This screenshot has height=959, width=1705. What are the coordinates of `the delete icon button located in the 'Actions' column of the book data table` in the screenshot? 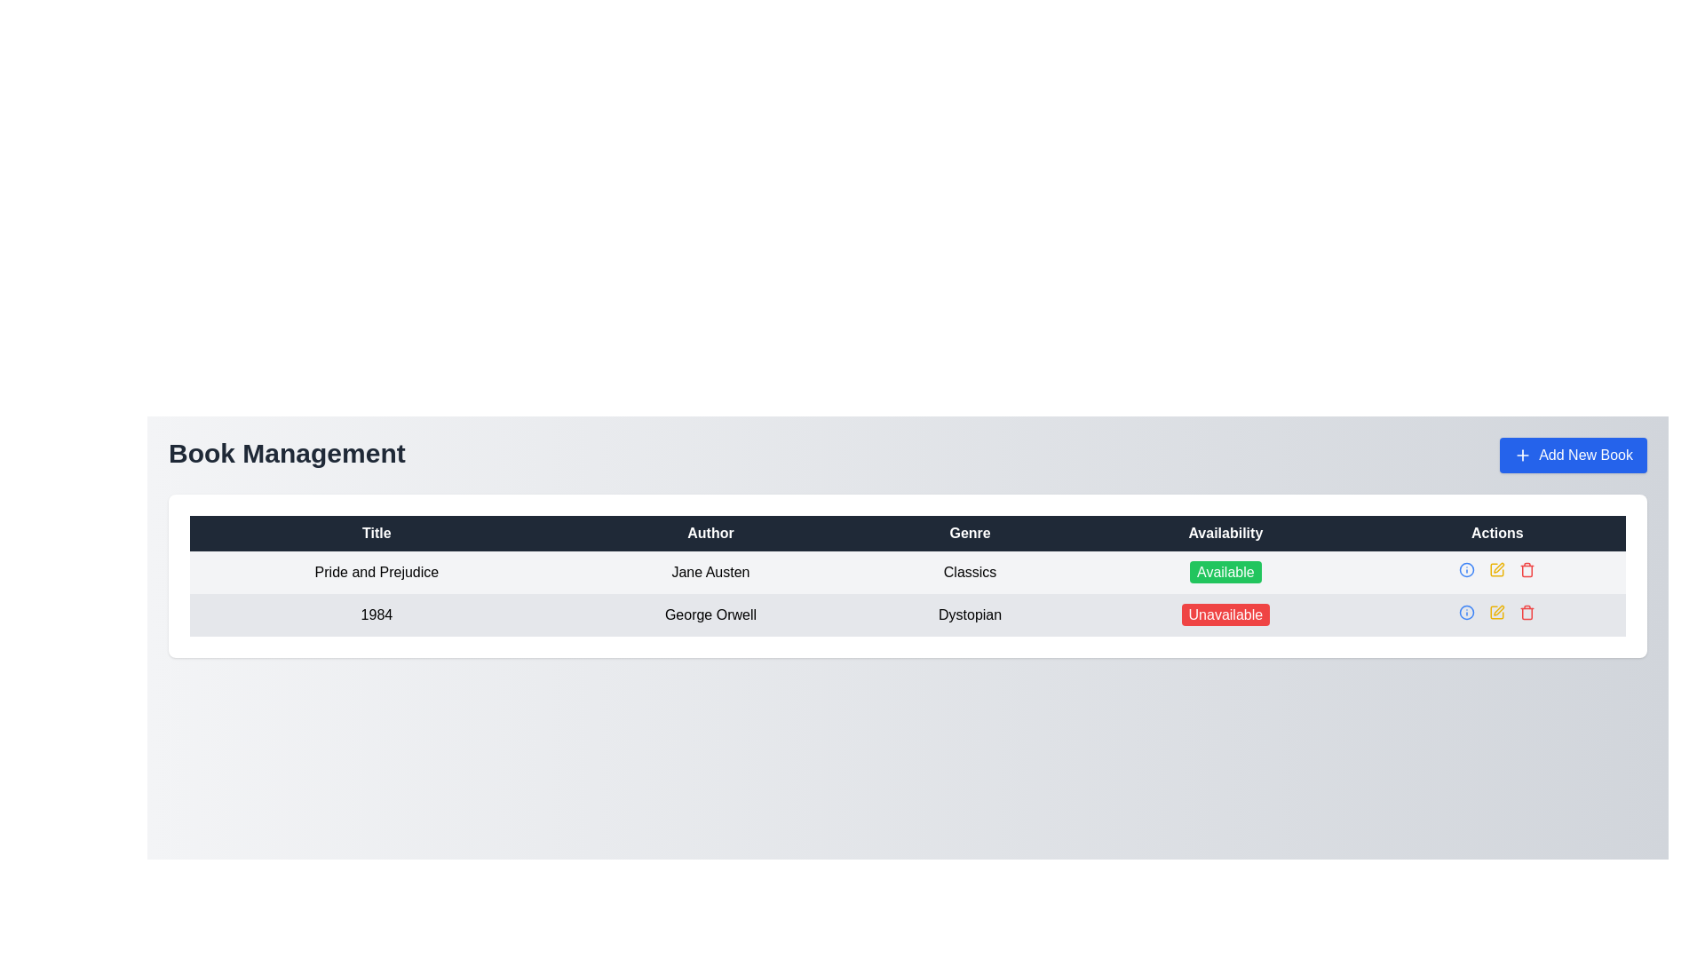 It's located at (1527, 571).